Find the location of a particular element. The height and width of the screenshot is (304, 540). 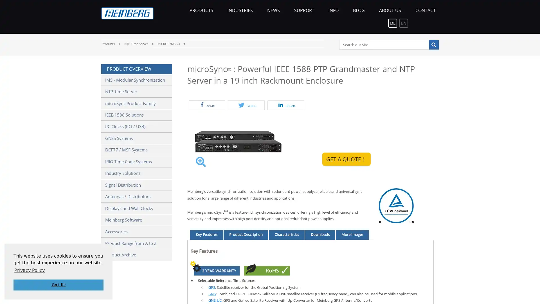

dismiss cookie message is located at coordinates (58, 285).